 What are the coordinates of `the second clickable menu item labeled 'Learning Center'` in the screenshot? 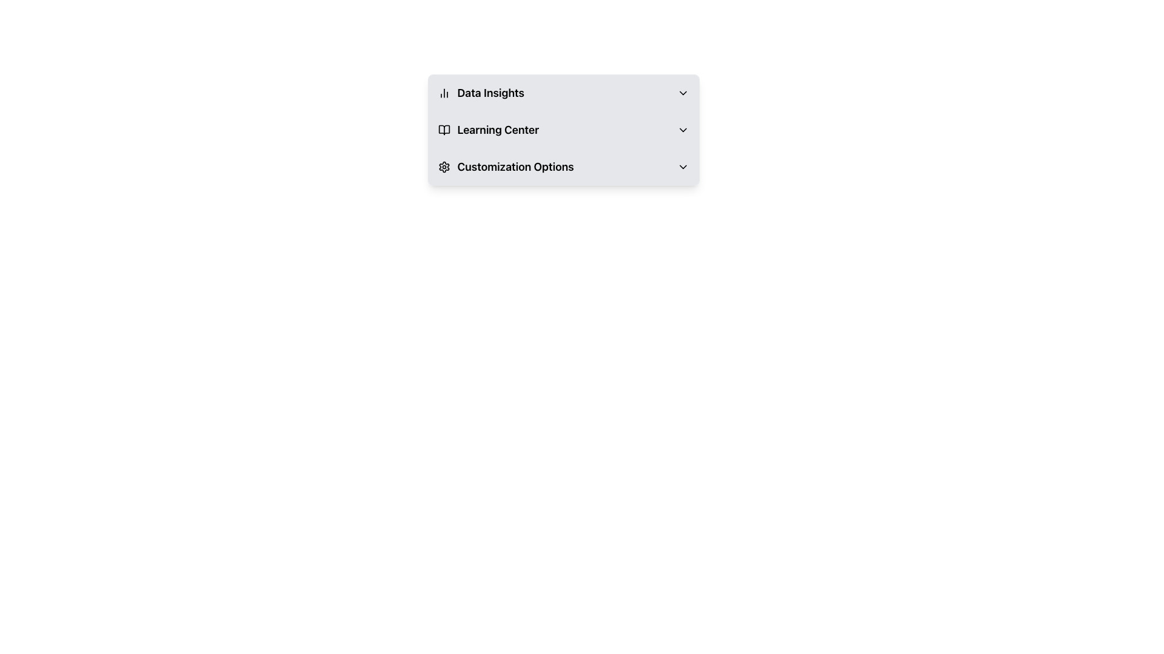 It's located at (563, 130).